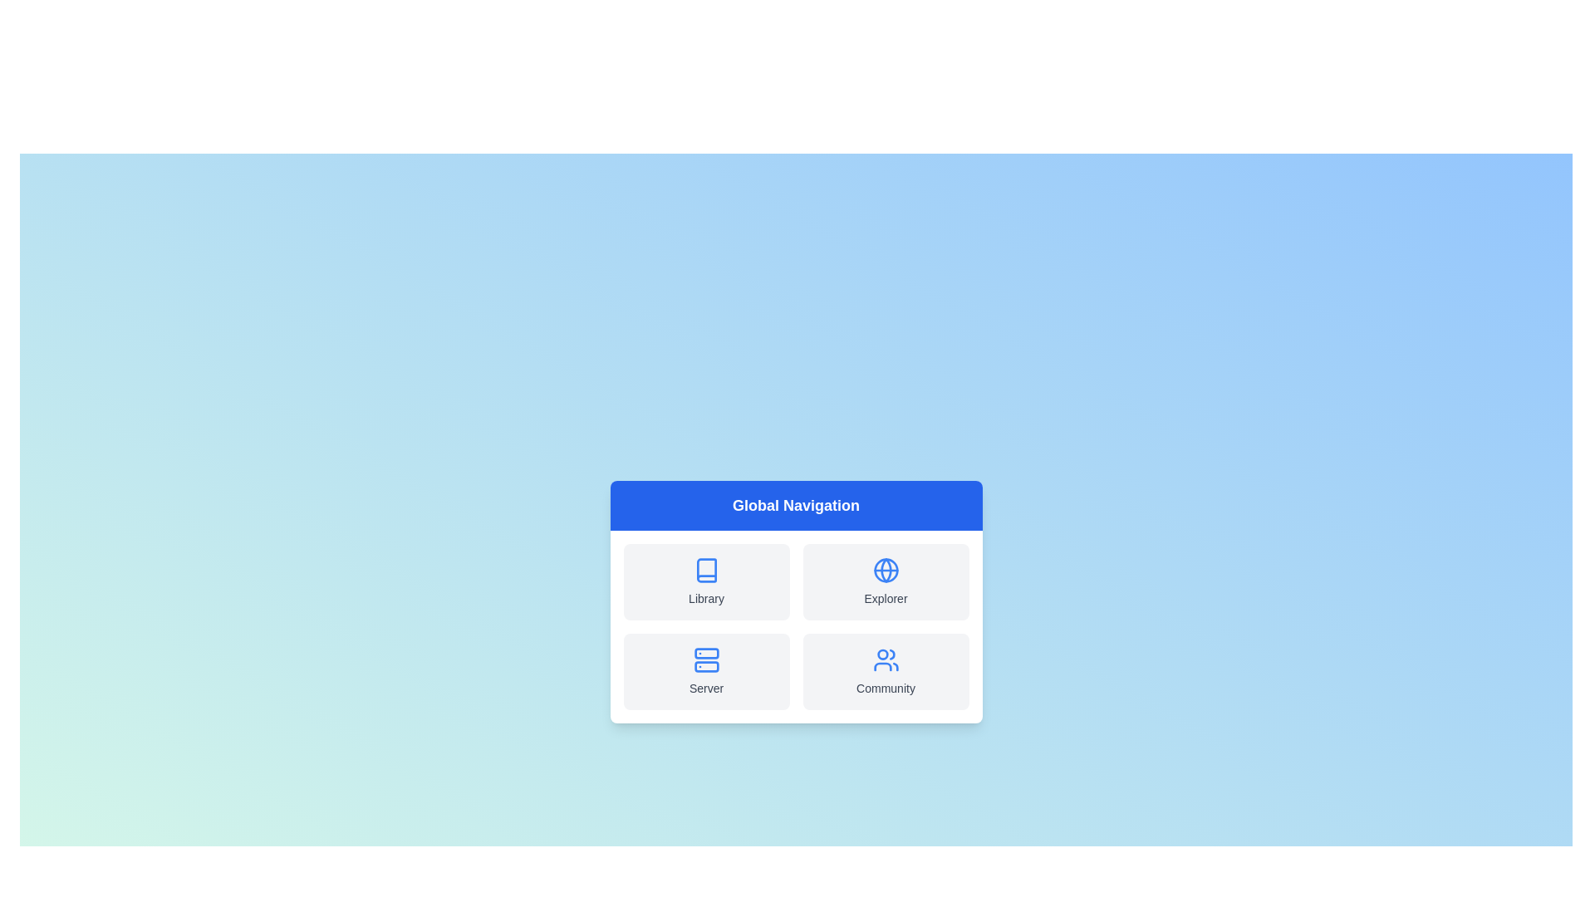 The image size is (1595, 897). Describe the element at coordinates (885, 581) in the screenshot. I see `the navigation option Explorer to observe its hover effect` at that location.